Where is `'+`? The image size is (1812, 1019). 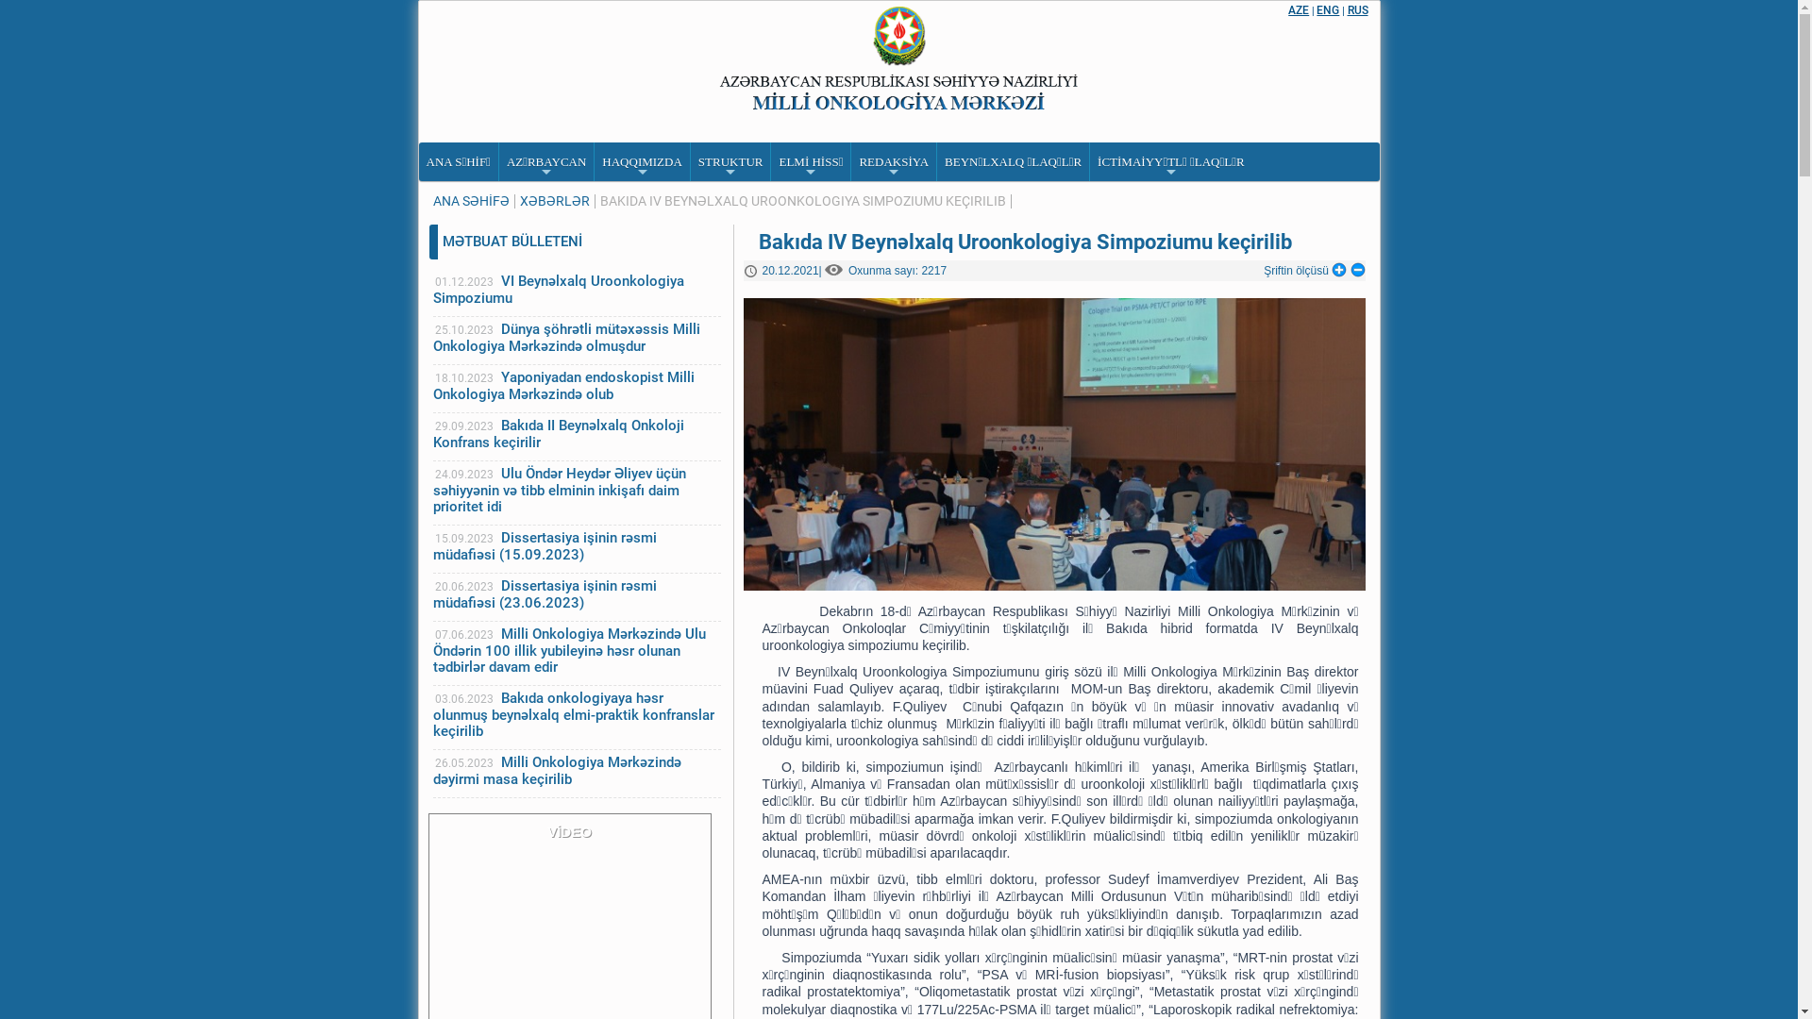
'+ is located at coordinates (730, 160).